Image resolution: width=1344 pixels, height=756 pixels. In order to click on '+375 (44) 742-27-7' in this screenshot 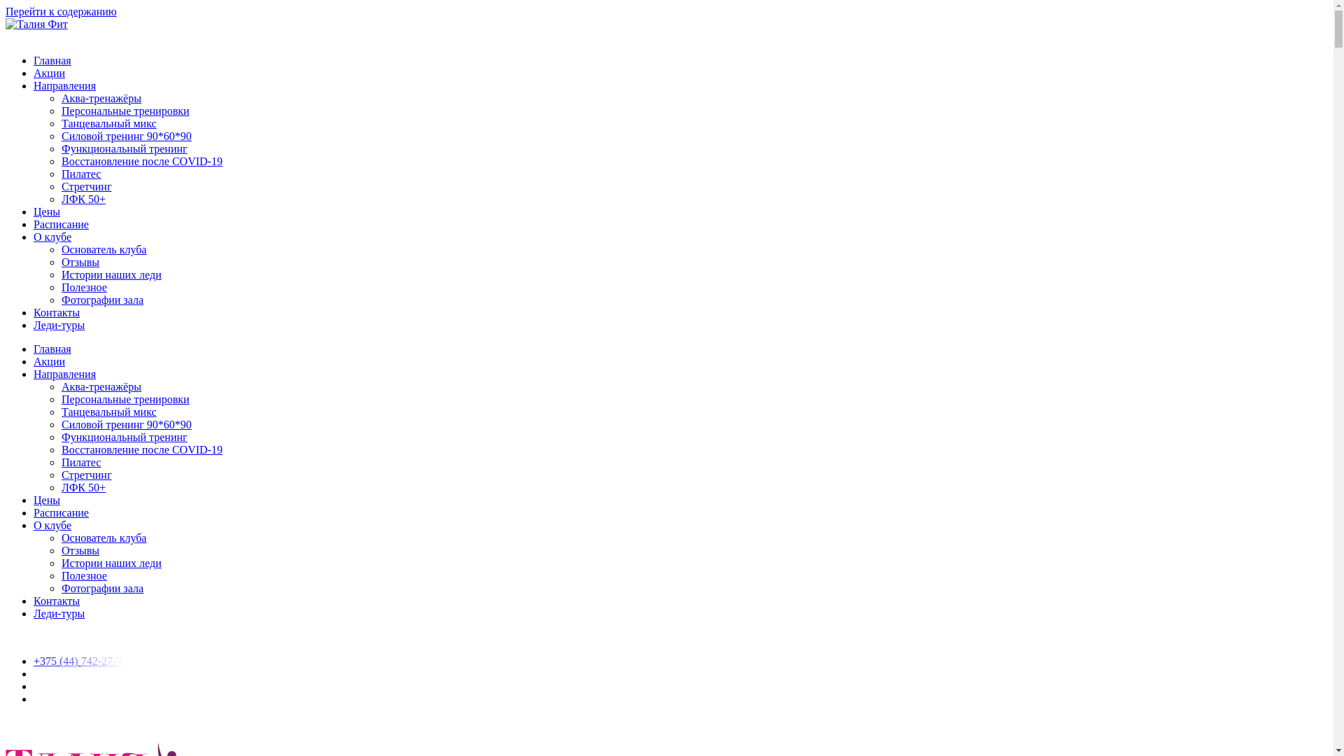, I will do `click(80, 661)`.